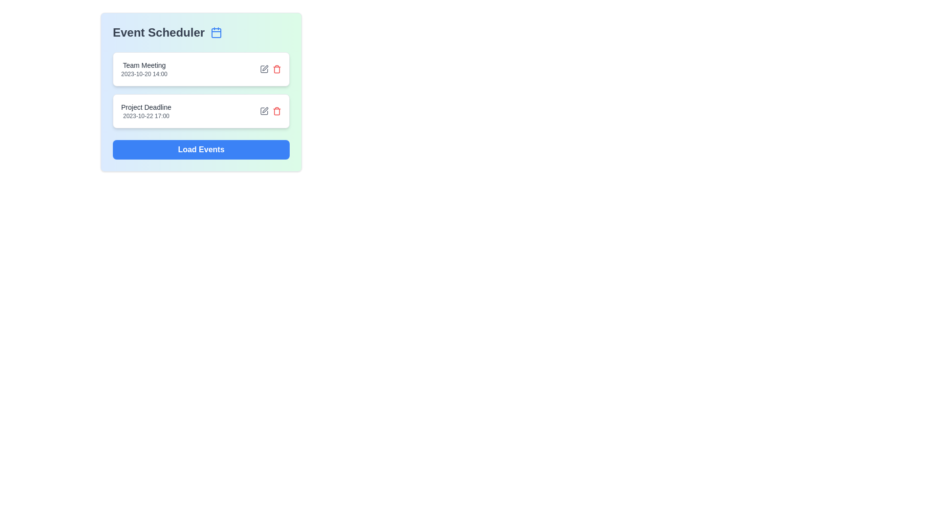  What do you see at coordinates (216, 32) in the screenshot?
I see `the icon located to the right of the 'Event Scheduler' text in the header area` at bounding box center [216, 32].